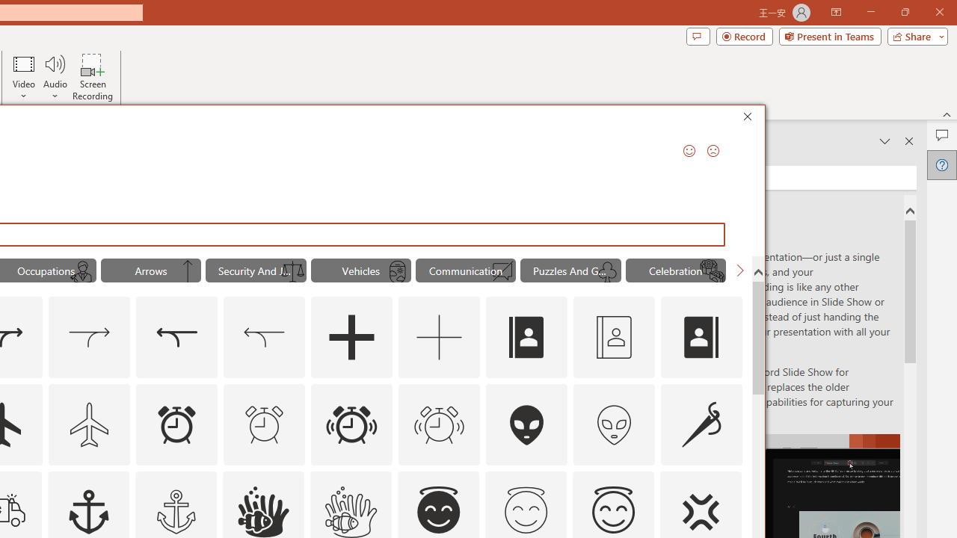  What do you see at coordinates (82, 272) in the screenshot?
I see `'AutomationID: Icons_JudgeMale_M'` at bounding box center [82, 272].